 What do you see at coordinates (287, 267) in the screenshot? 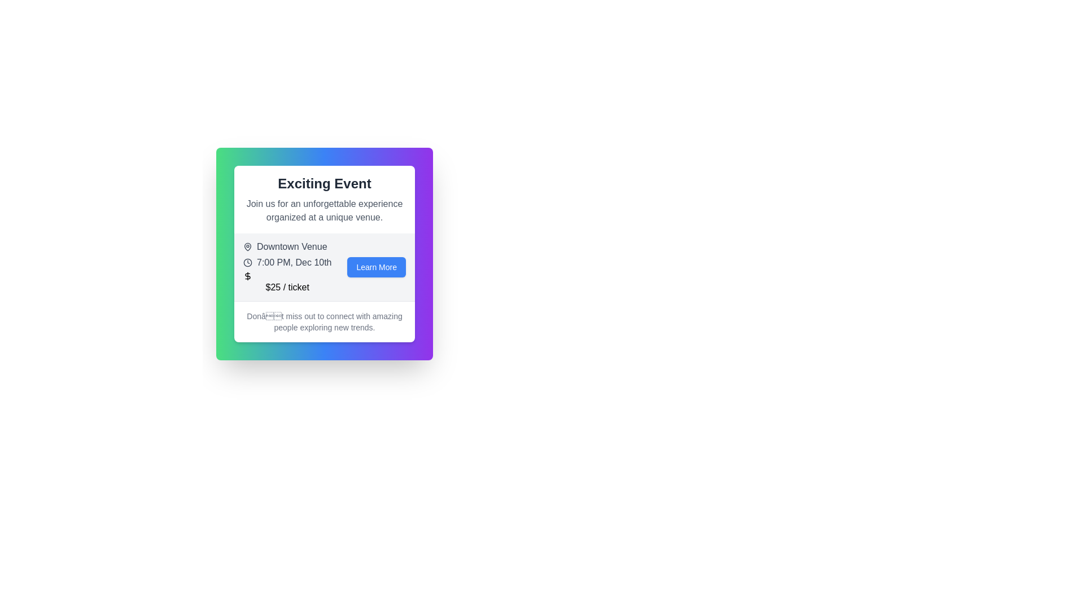
I see `the informational text block providing venue, time, date, and ticket price details for an event, located in the upper left part of the white card` at bounding box center [287, 267].